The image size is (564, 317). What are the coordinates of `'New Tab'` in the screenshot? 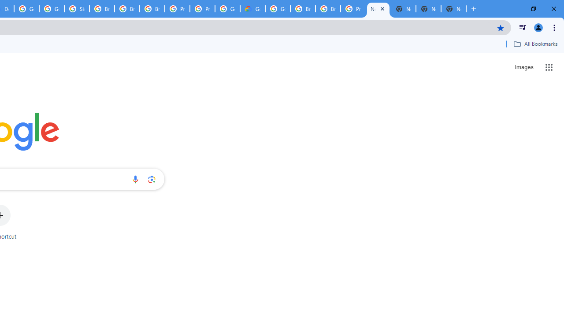 It's located at (453, 9).